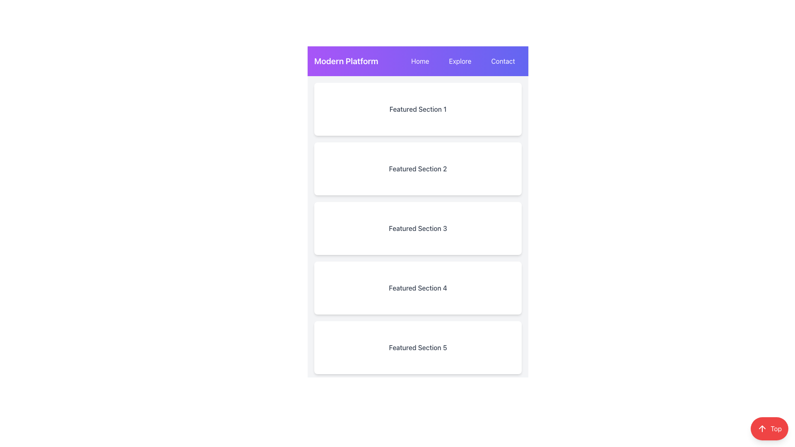 Image resolution: width=795 pixels, height=447 pixels. I want to click on the 'Home' text button, which is styled with white text on a purple background, so click(420, 60).